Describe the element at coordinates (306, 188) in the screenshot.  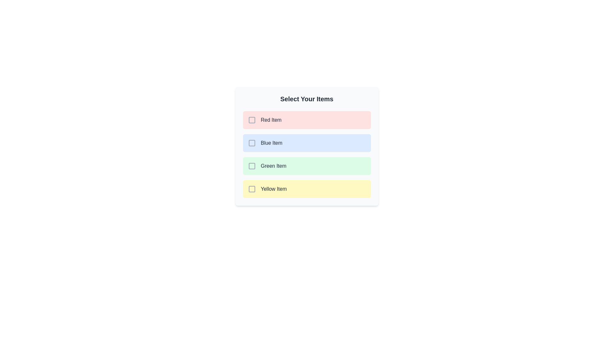
I see `the item Yellow Item` at that location.